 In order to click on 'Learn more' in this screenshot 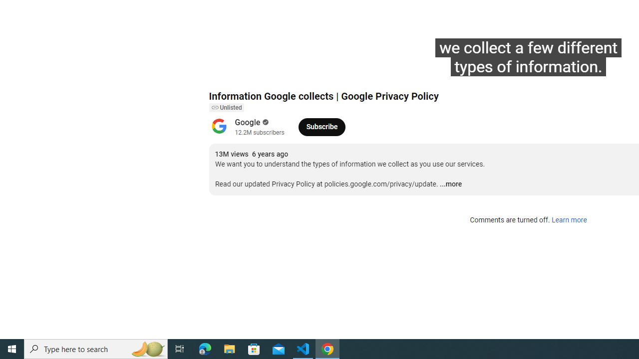, I will do `click(569, 220)`.